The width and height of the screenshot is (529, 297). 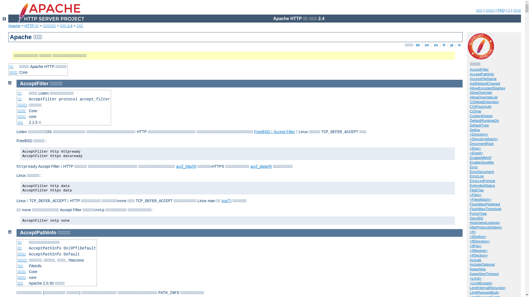 What do you see at coordinates (484, 102) in the screenshot?
I see `'CGIMapExtension'` at bounding box center [484, 102].